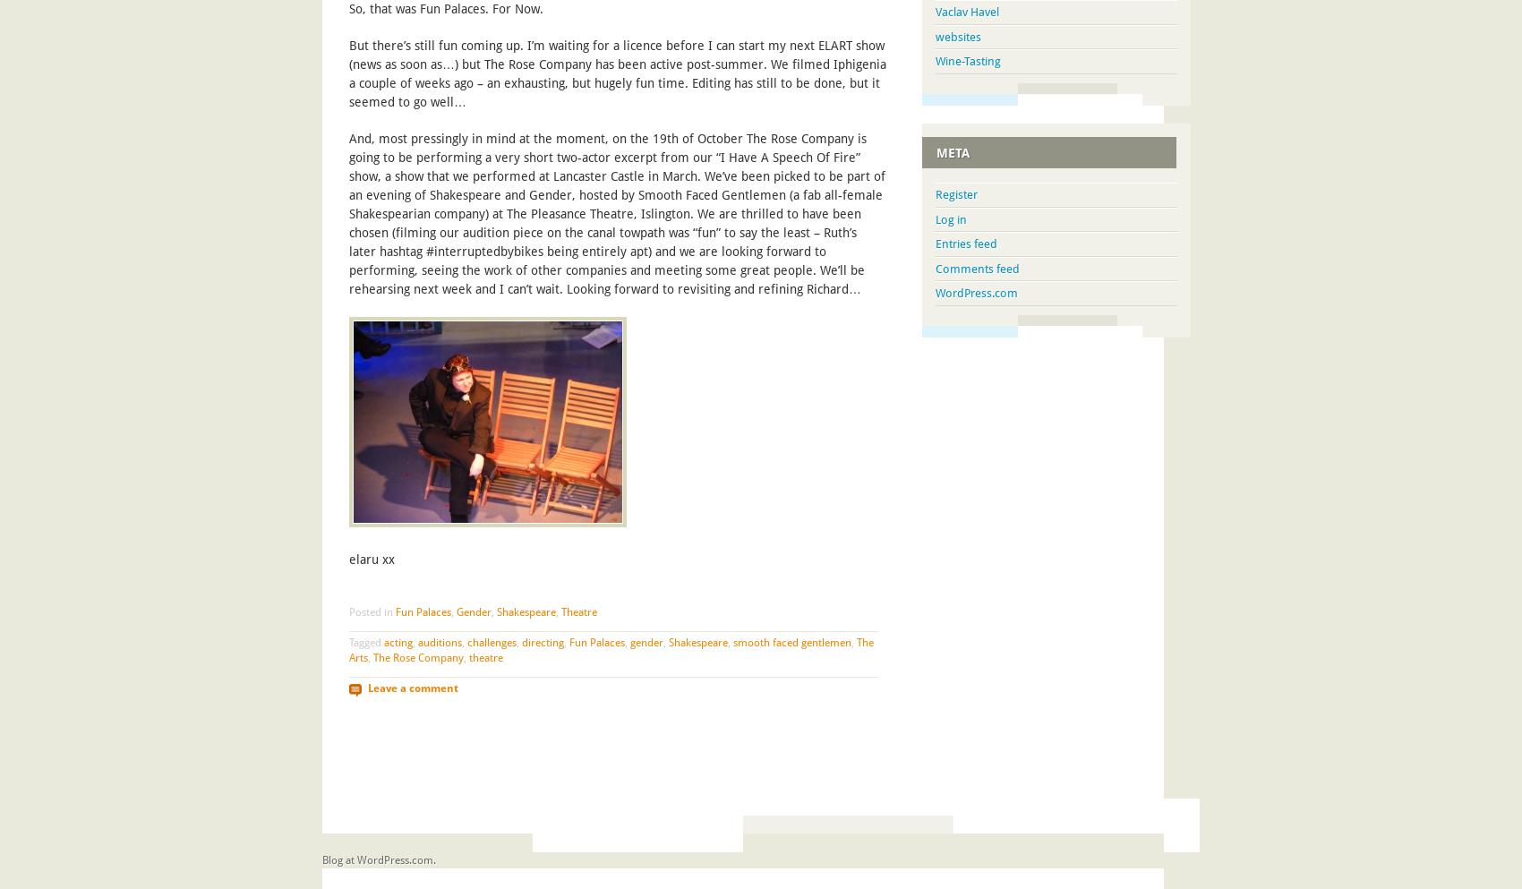 This screenshot has width=1522, height=889. Describe the element at coordinates (484, 658) in the screenshot. I see `'theatre'` at that location.